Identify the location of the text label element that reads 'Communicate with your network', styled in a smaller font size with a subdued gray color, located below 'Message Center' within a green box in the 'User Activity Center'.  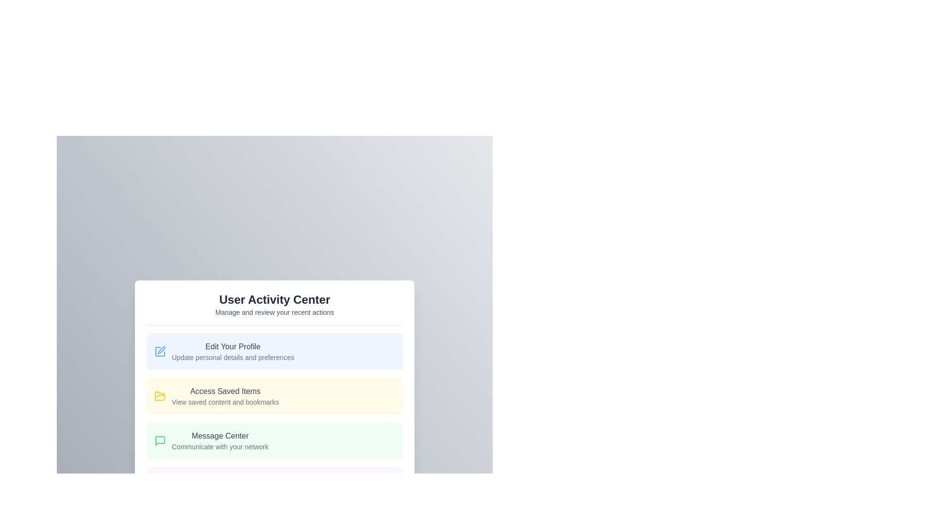
(219, 446).